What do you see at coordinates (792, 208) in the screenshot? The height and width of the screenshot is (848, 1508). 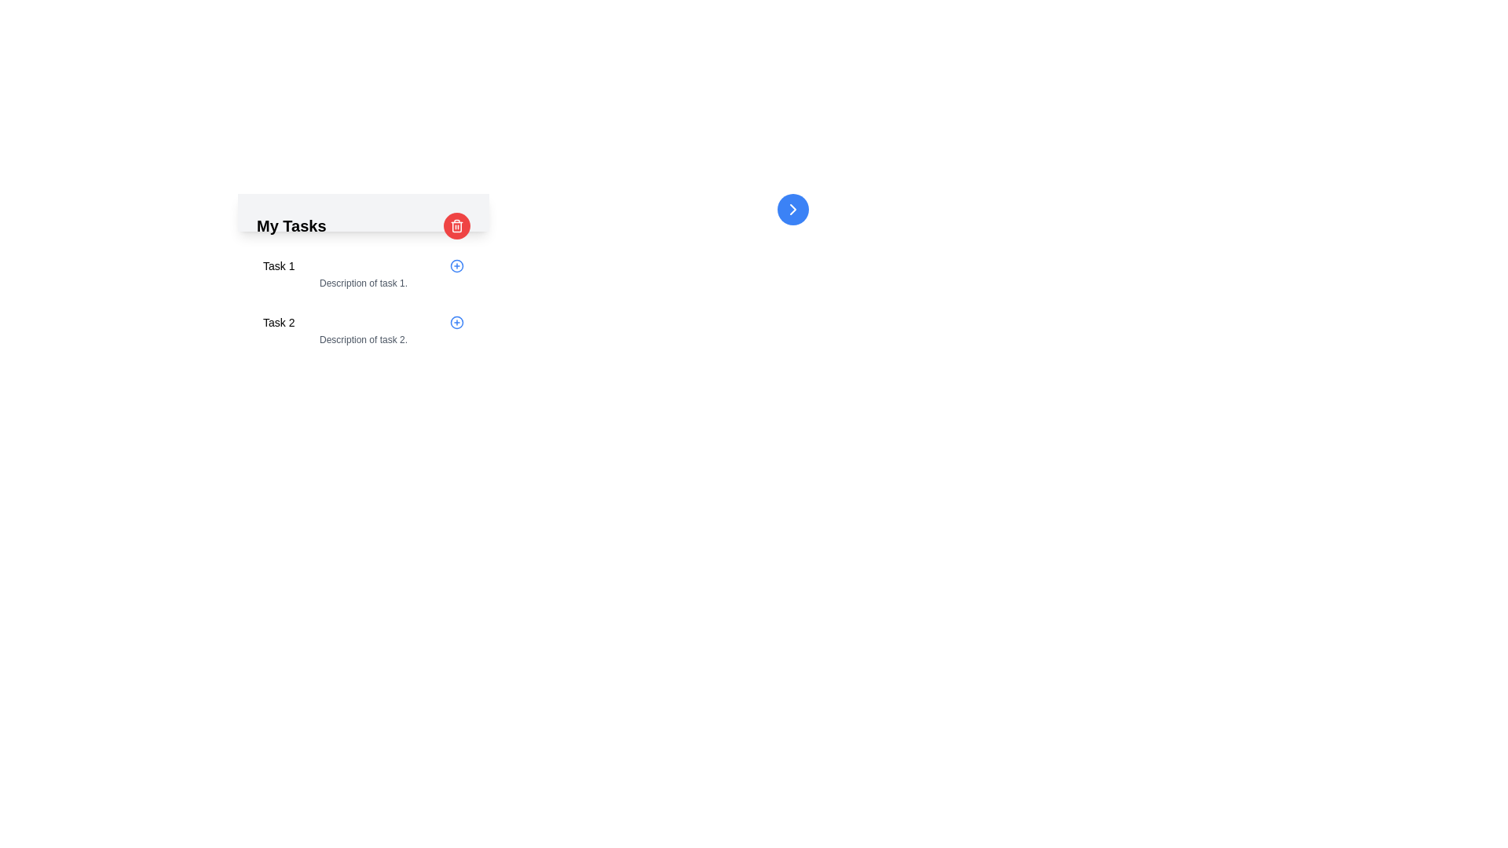 I see `the circular blue button with a white rightwards arrow symbol located in the 'My Tasks' section` at bounding box center [792, 208].